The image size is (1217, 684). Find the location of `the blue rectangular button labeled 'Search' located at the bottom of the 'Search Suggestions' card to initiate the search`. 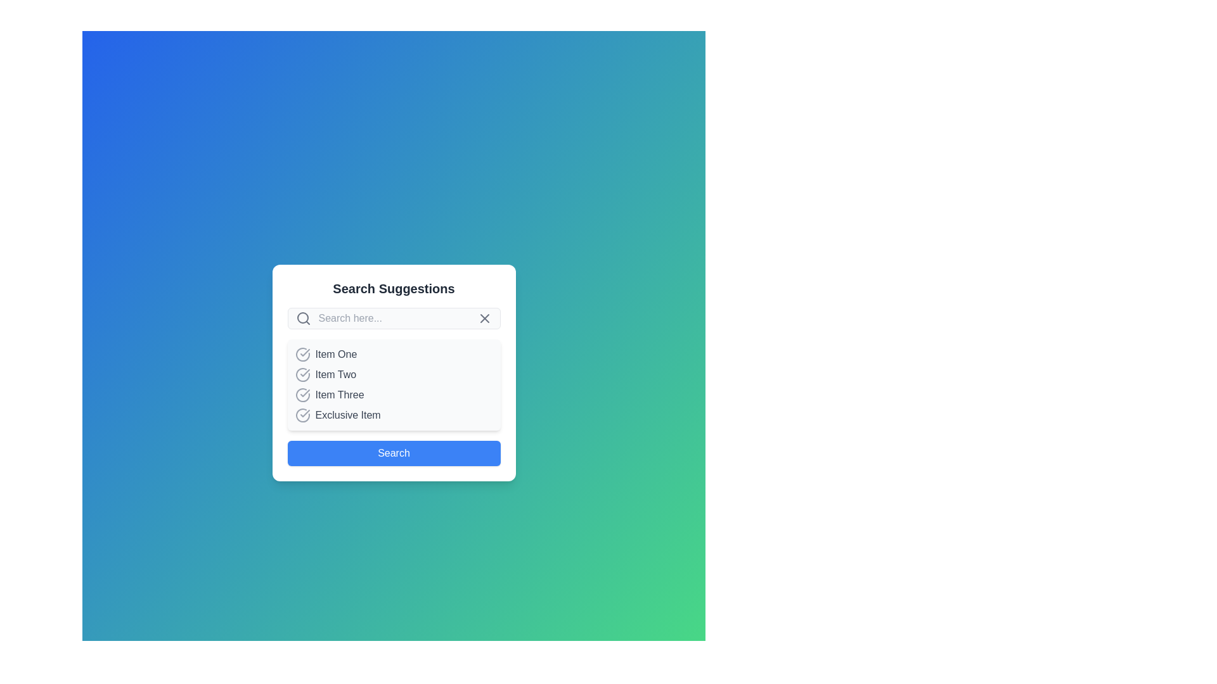

the blue rectangular button labeled 'Search' located at the bottom of the 'Search Suggestions' card to initiate the search is located at coordinates (393, 453).